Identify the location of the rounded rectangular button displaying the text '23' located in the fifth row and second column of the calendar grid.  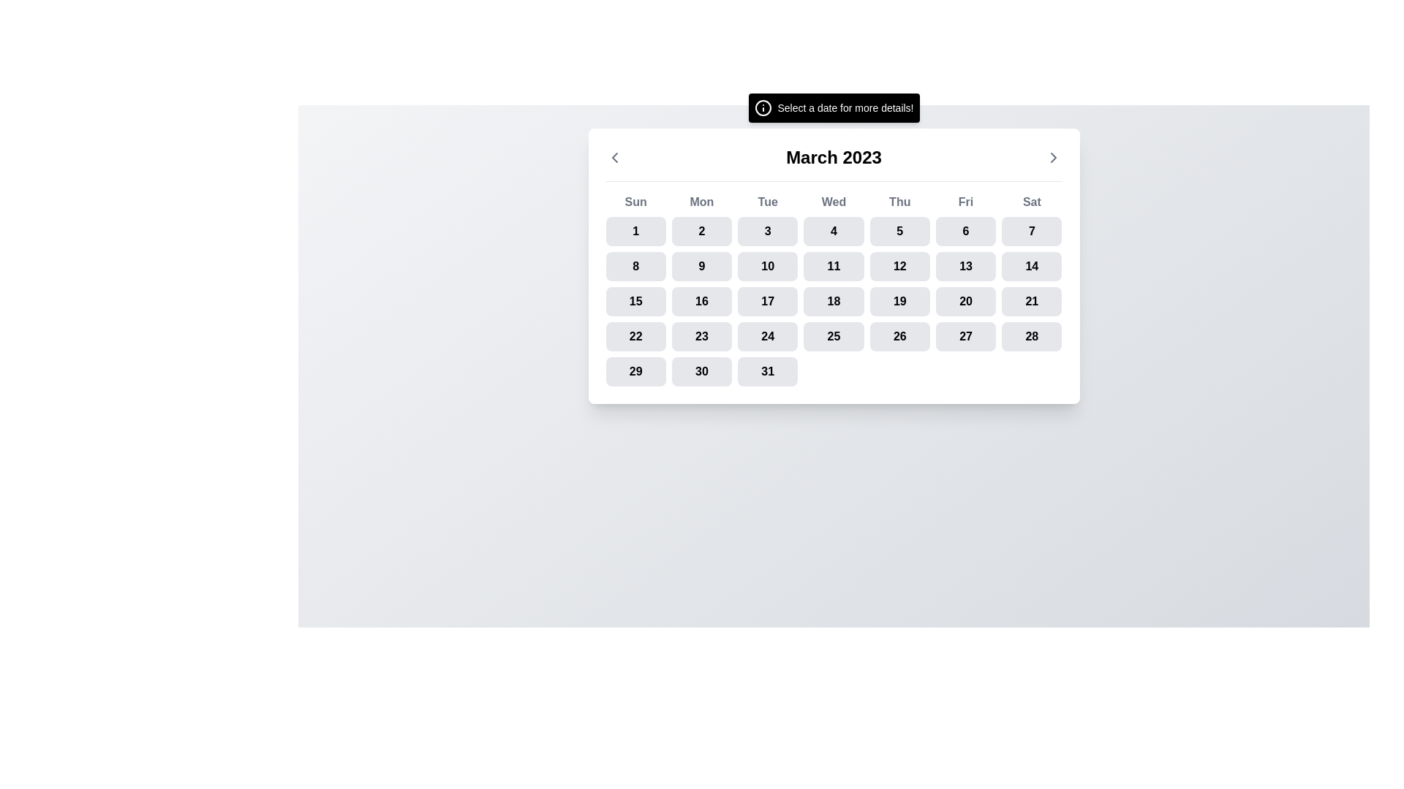
(702, 337).